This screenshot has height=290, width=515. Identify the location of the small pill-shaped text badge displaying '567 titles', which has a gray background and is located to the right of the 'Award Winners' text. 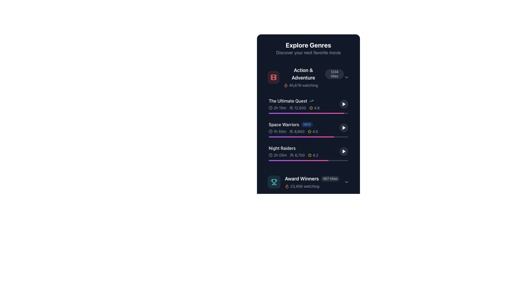
(330, 179).